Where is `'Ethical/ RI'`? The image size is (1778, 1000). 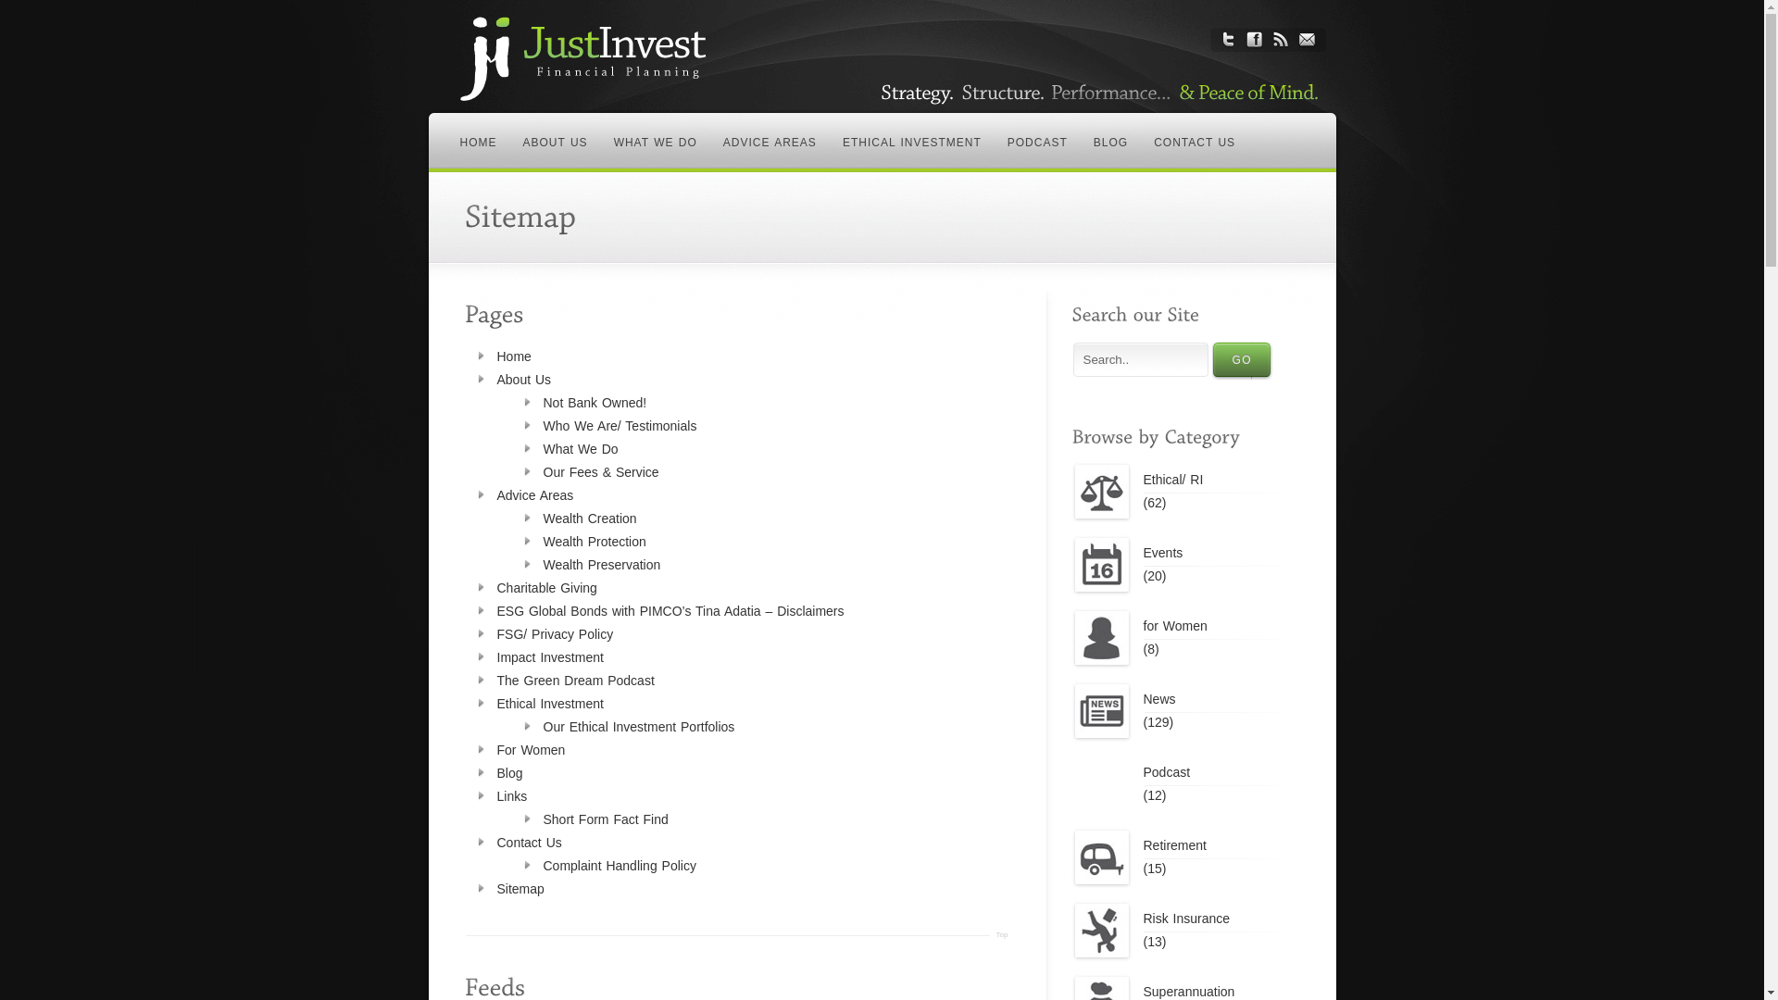
'Ethical/ RI' is located at coordinates (1212, 478).